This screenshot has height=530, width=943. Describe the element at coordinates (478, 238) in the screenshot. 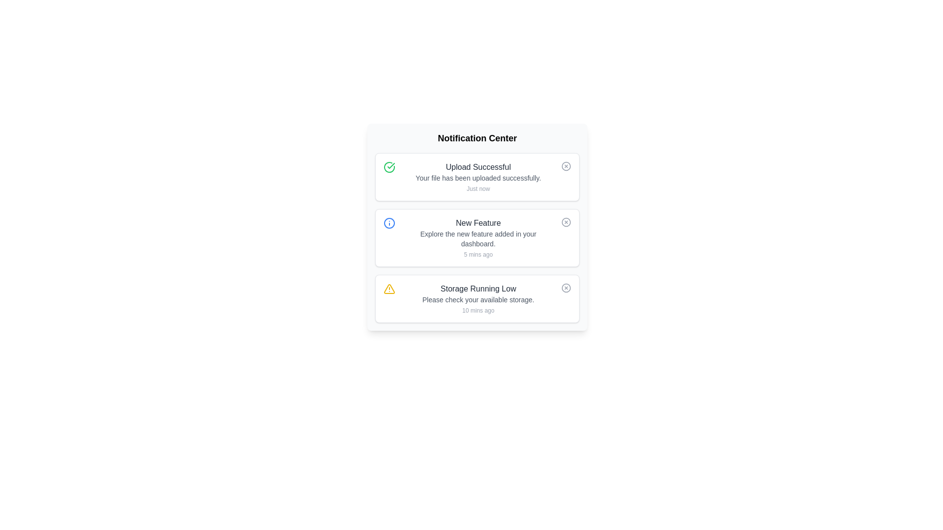

I see `the text block within the notification card titled 'New Feature', which includes a descriptive message and additional context, located second from the top in the notification center` at that location.